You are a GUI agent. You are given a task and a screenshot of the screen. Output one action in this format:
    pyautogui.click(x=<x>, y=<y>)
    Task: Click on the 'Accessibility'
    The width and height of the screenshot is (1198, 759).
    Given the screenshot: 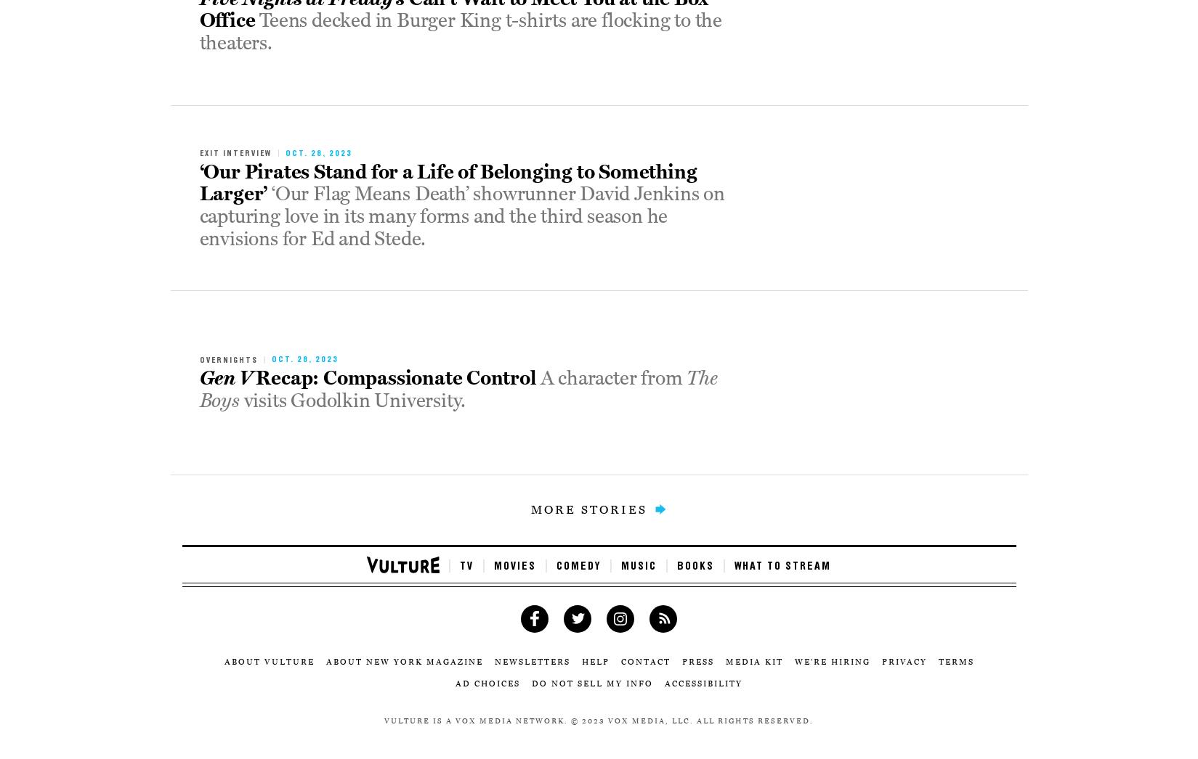 What is the action you would take?
    pyautogui.click(x=703, y=683)
    